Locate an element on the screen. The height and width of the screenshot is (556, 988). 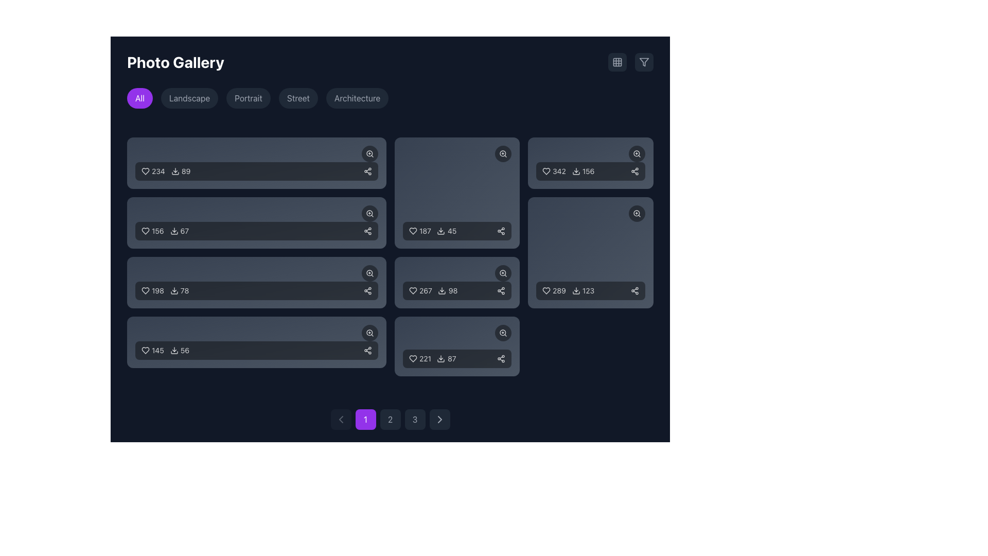
the zoom or view button located at the top-right corner of the statistics card to change its appearance is located at coordinates (637, 154).